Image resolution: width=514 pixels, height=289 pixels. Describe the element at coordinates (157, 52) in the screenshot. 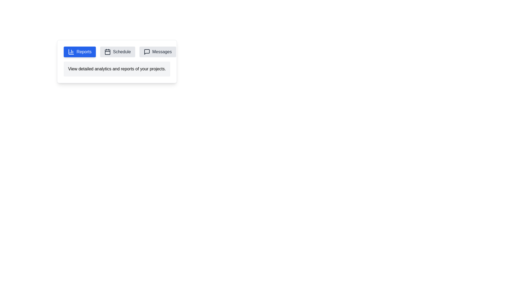

I see `the tab labeled Messages` at that location.